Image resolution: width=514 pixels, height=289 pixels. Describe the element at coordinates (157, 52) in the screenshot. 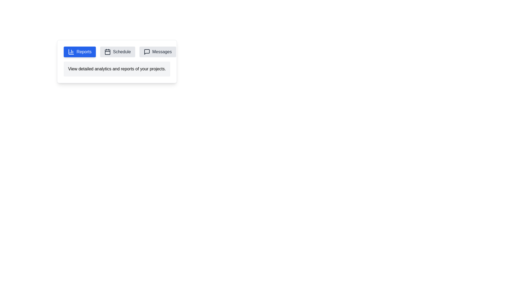

I see `the tab labeled Messages` at that location.